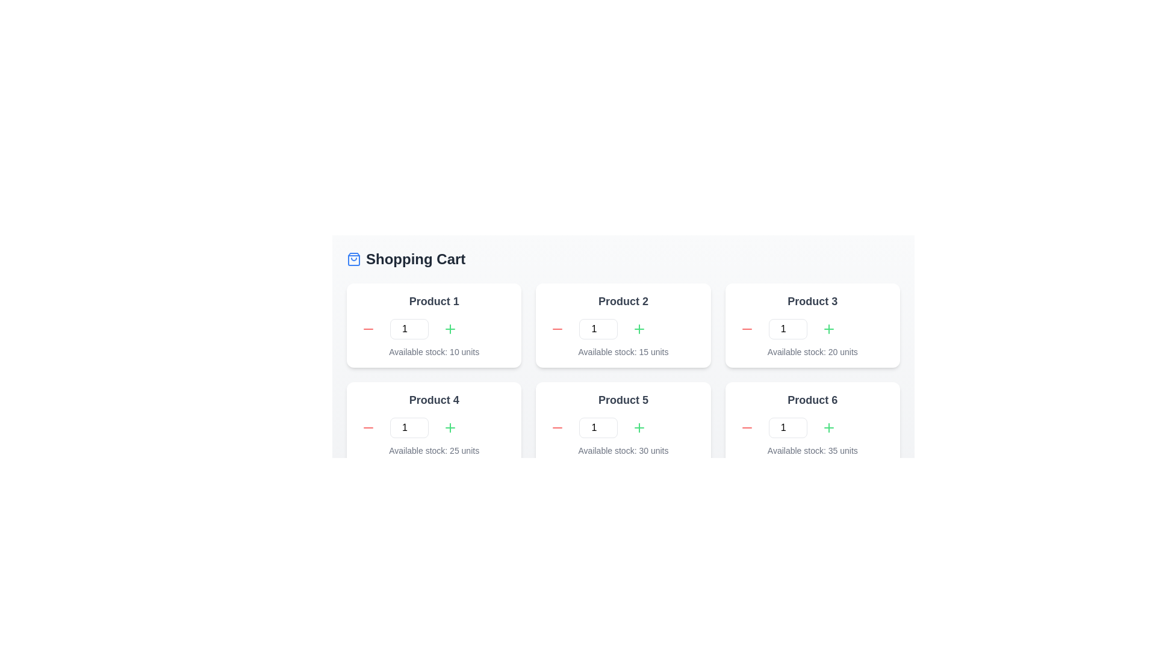 This screenshot has width=1156, height=650. What do you see at coordinates (746, 329) in the screenshot?
I see `the red circular button with a minus symbol to decrease the quantity of 'Product 3' in the shopping cart` at bounding box center [746, 329].